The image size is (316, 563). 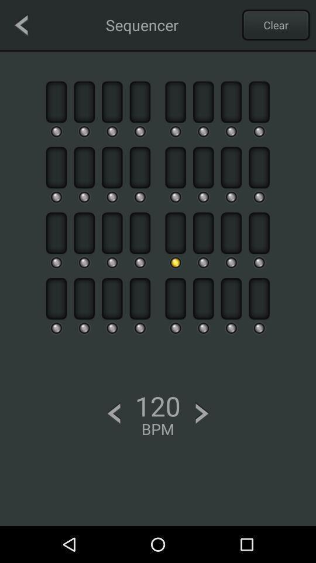 I want to click on bpm down button, so click(x=114, y=413).